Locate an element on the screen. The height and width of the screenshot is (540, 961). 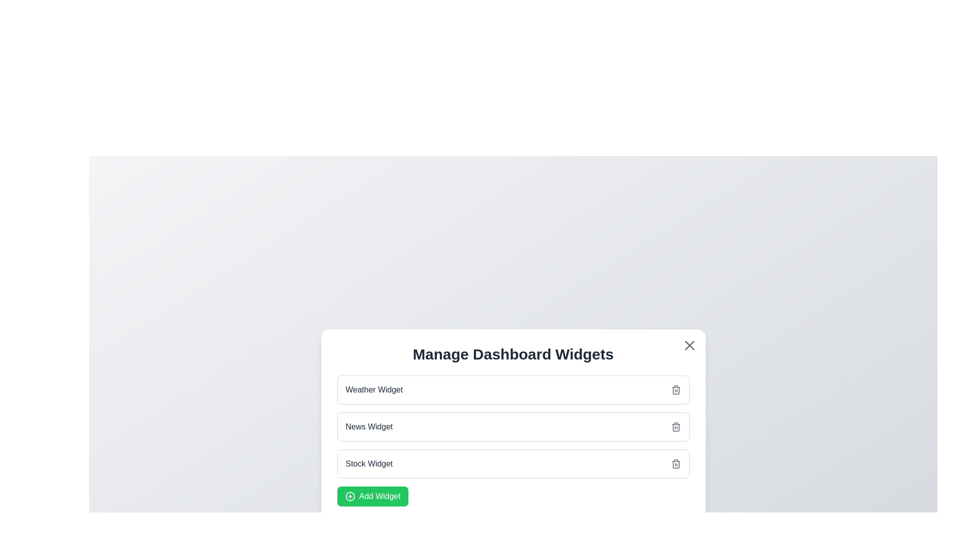
the 'Add Widget' button to add a new widget to the list is located at coordinates (372, 496).